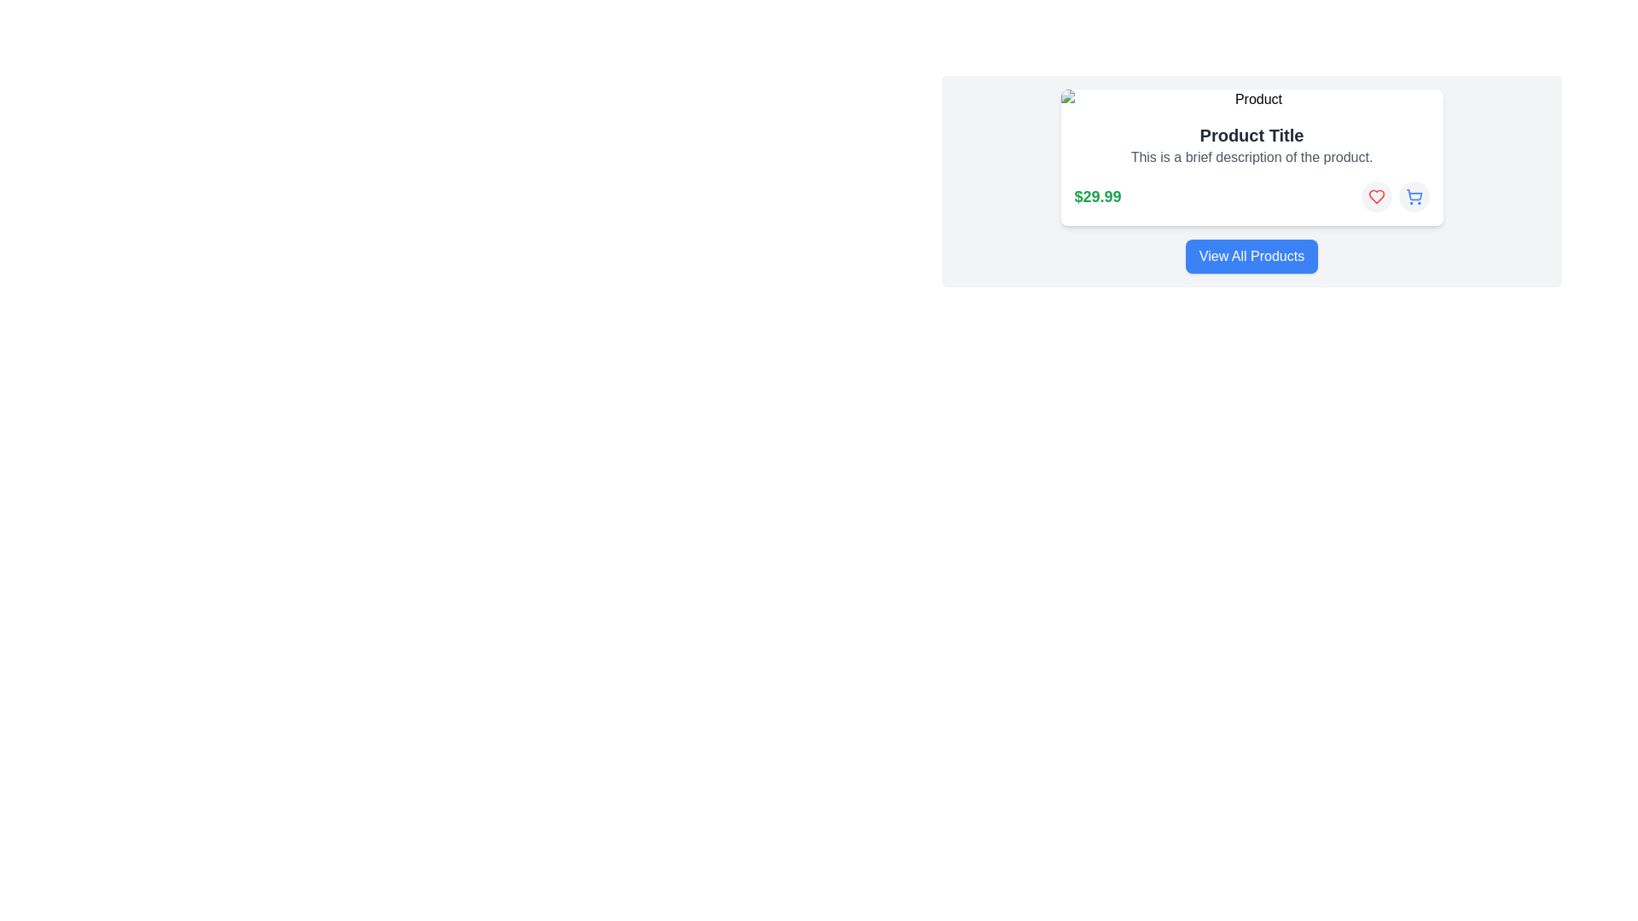  What do you see at coordinates (1376, 196) in the screenshot?
I see `the circular button with a light gray background and a heart-shaped icon outlined in red` at bounding box center [1376, 196].